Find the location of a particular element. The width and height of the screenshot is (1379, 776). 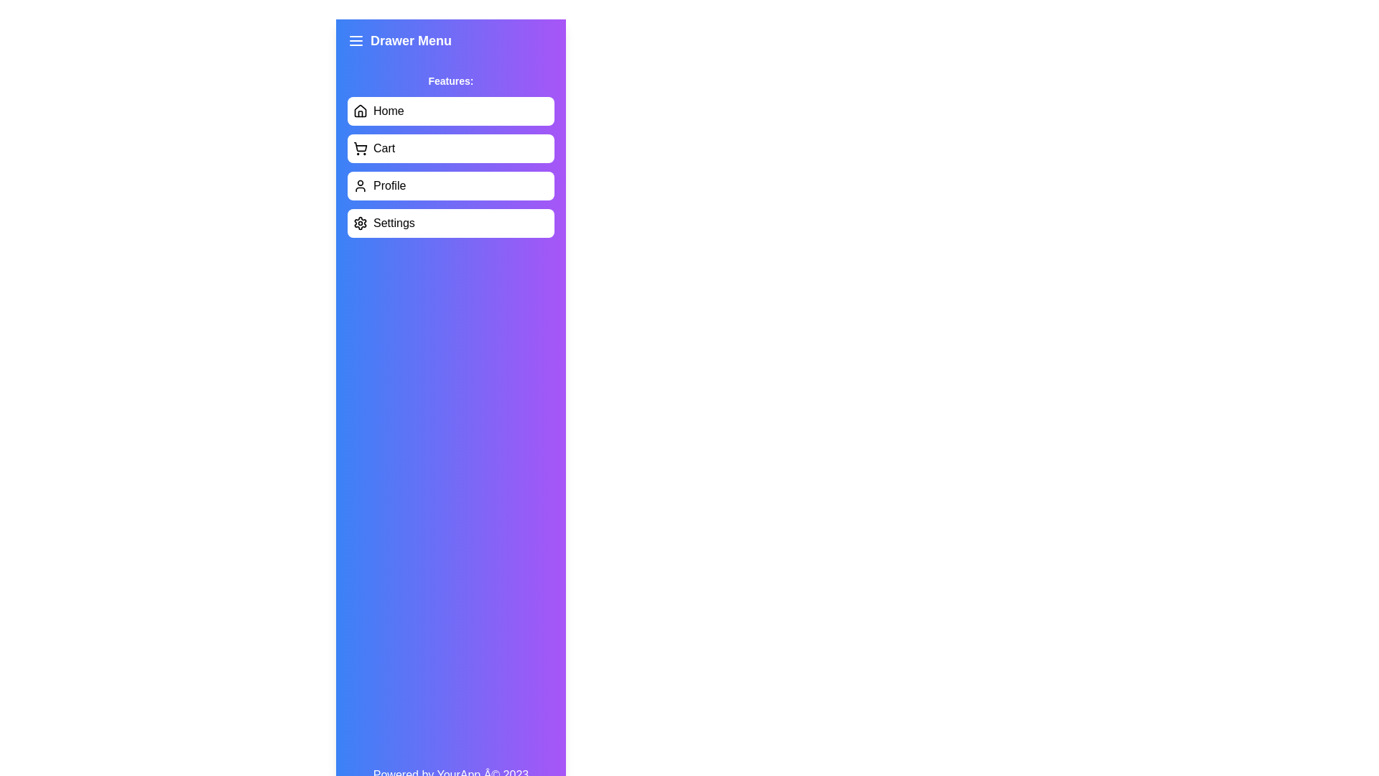

the second menu item labeled 'Cart' in the 'Features' drawer menu is located at coordinates (450, 149).